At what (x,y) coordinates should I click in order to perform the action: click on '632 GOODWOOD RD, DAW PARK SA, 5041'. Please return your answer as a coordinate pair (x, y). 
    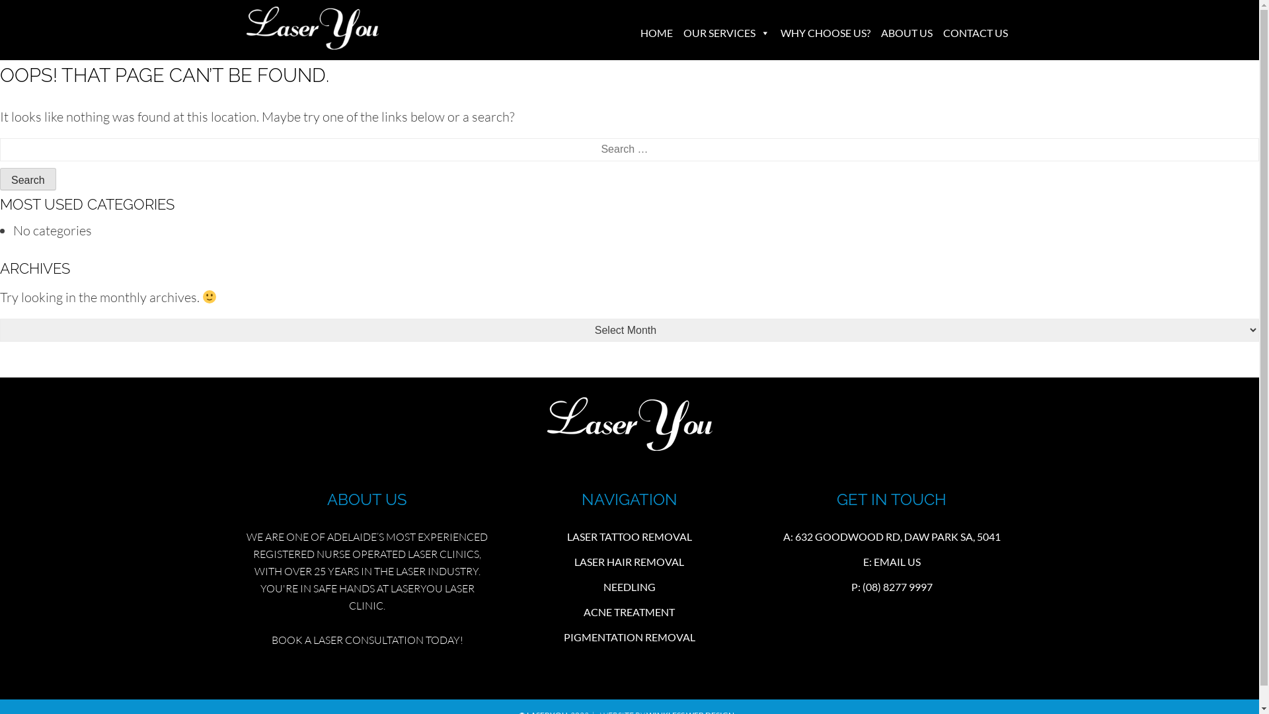
    Looking at the image, I should click on (898, 536).